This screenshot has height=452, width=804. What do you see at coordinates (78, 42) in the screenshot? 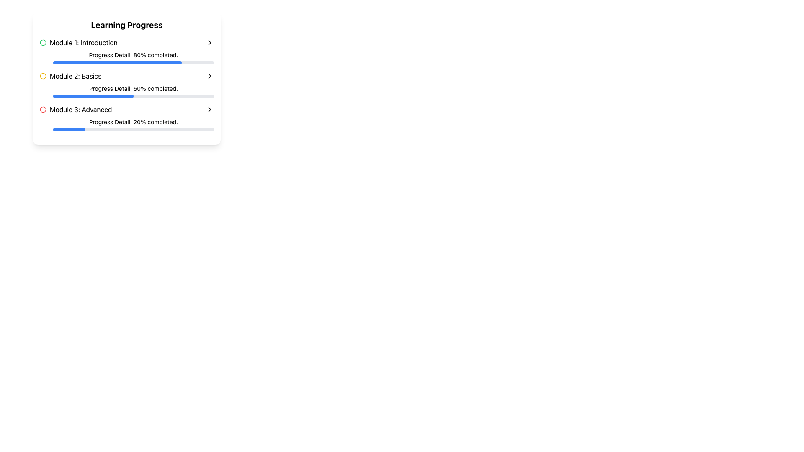
I see `the Text Label that serves as the title for the first module in the 'Learning Progress' section` at bounding box center [78, 42].